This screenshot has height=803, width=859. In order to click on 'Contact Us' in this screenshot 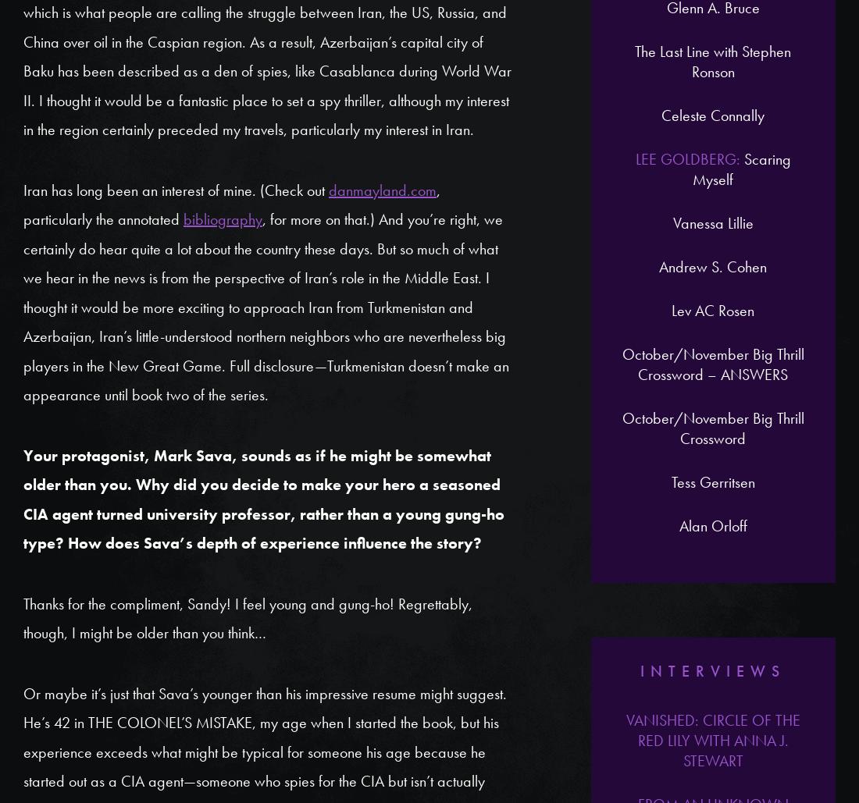, I will do `click(601, 247)`.